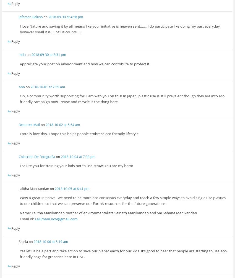  Describe the element at coordinates (33, 188) in the screenshot. I see `'Lalitha Manikandan'` at that location.